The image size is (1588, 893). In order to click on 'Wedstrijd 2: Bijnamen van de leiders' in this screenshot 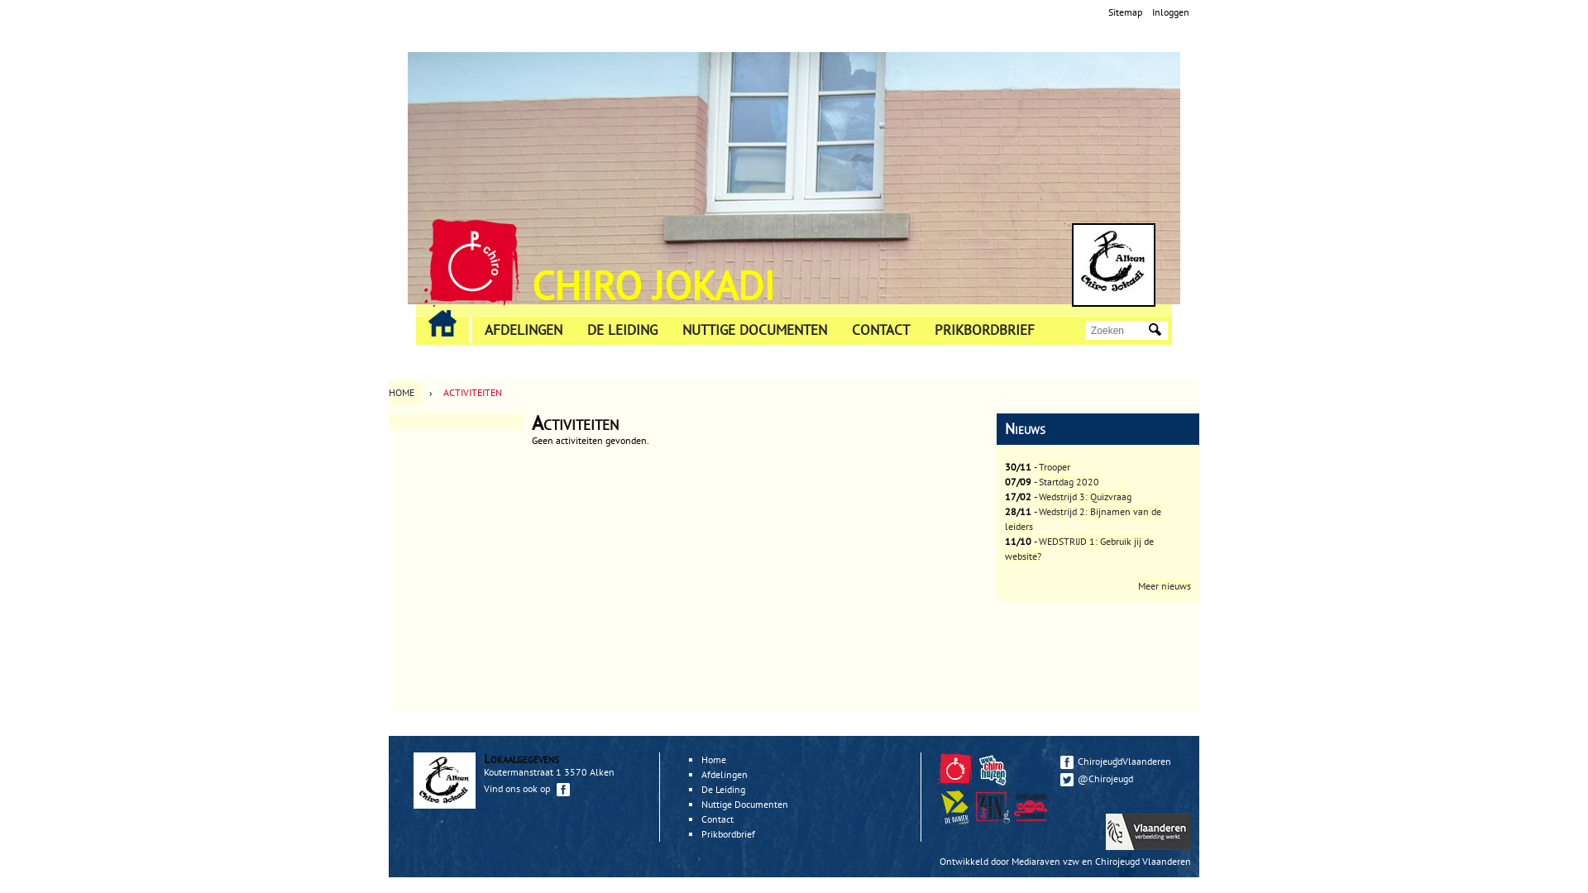, I will do `click(1083, 518)`.